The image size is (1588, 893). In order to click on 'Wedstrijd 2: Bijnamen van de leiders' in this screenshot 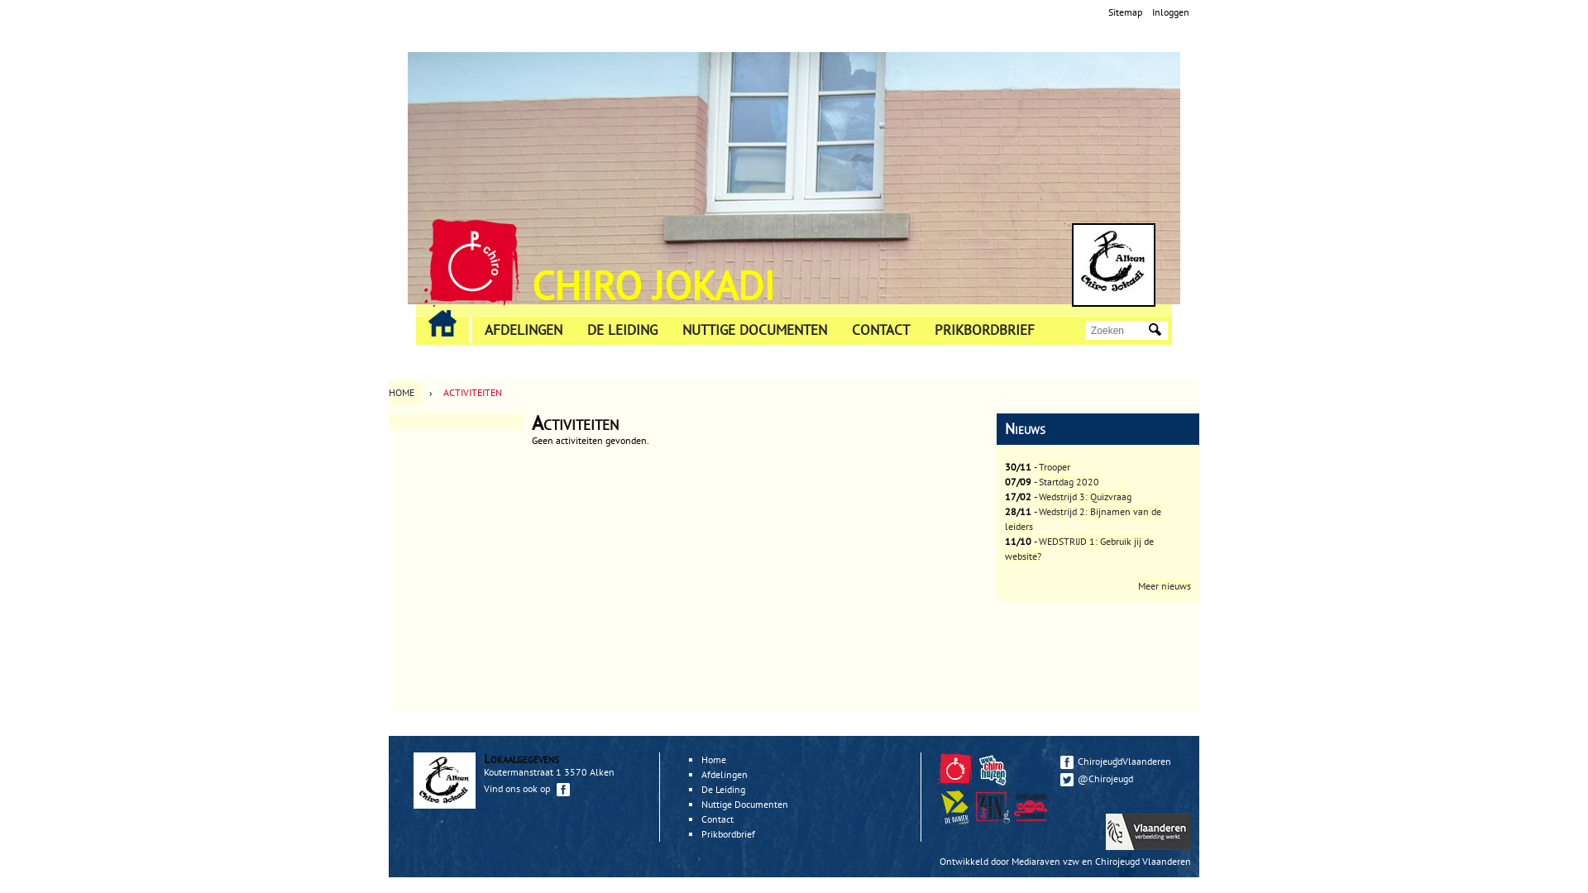, I will do `click(1083, 518)`.